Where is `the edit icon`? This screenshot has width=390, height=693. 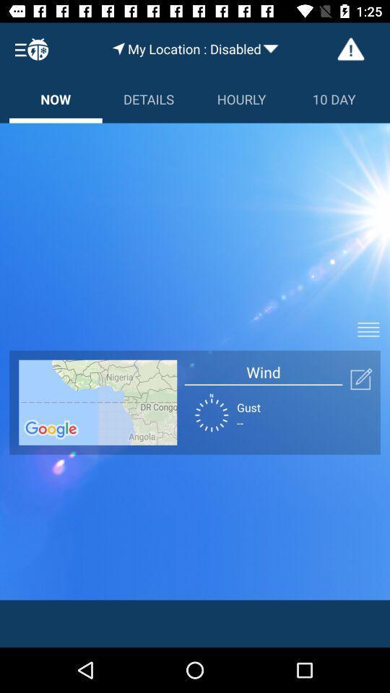 the edit icon is located at coordinates (360, 378).